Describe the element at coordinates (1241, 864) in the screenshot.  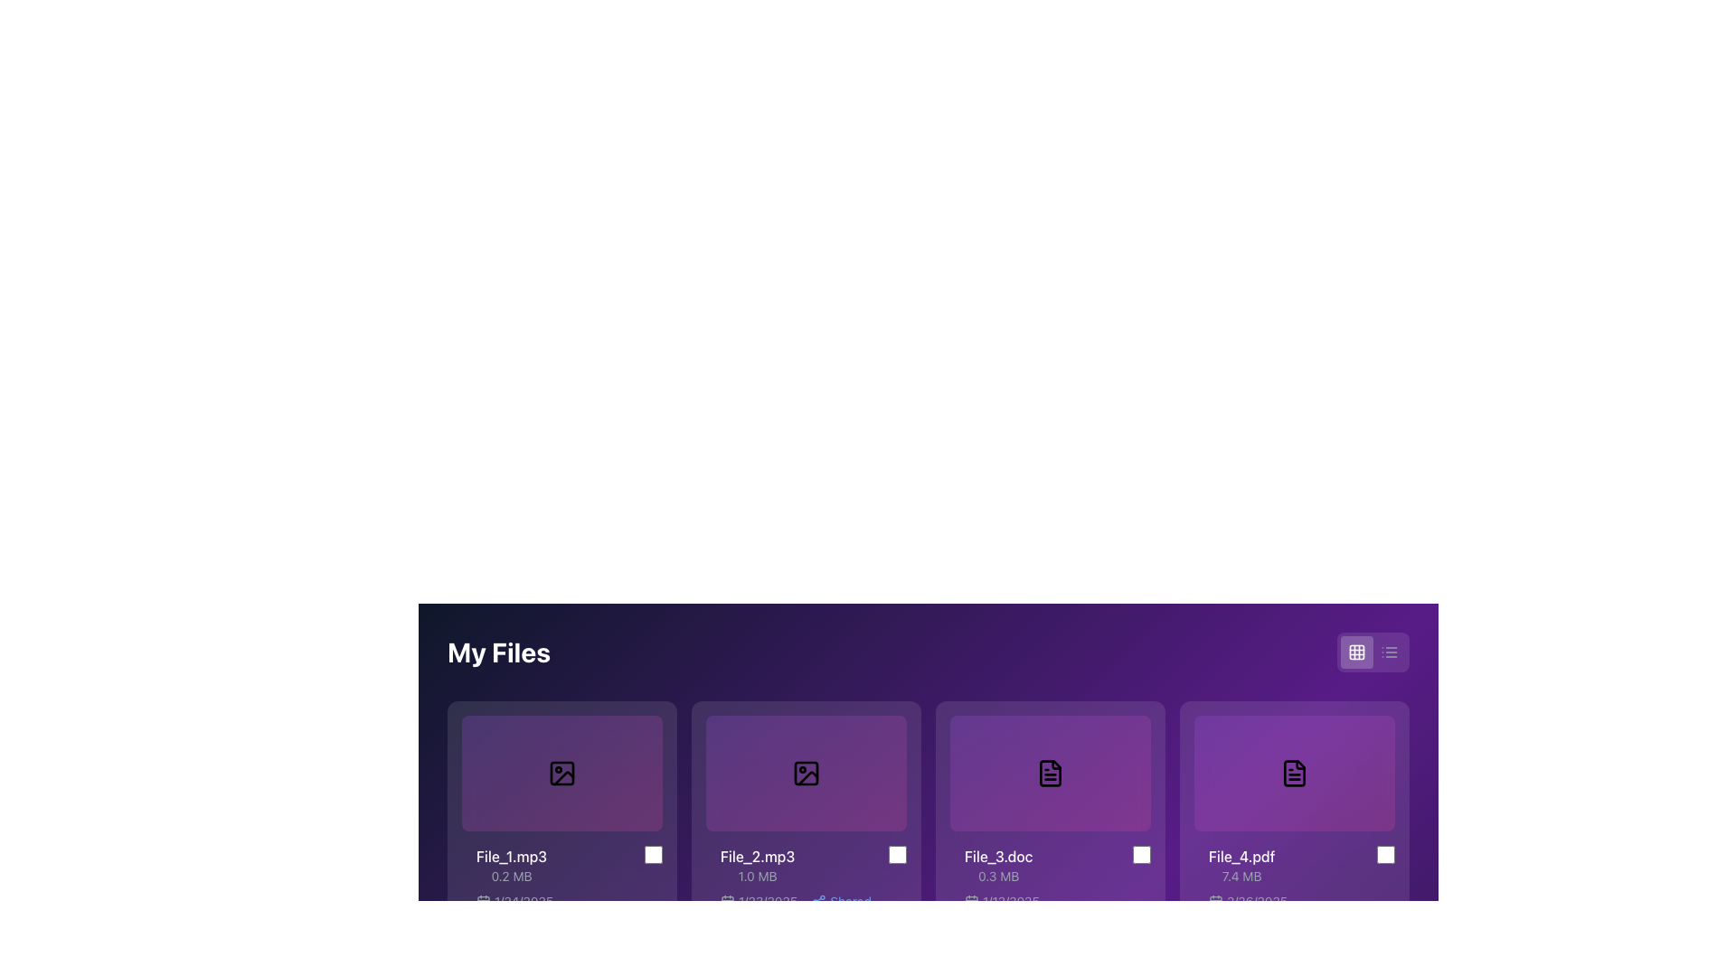
I see `displayed text from the text label showing 'File_4.pdf' and '7.4 MB' on a purple background, located at the bottom-right area of the fourth file card` at that location.